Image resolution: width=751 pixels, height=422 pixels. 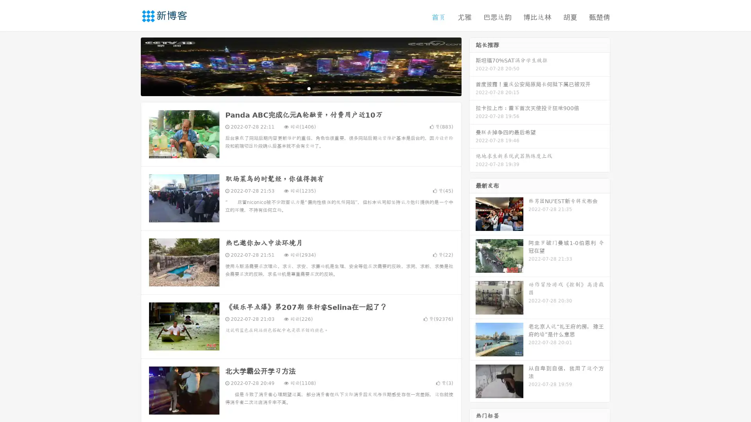 I want to click on Go to slide 3, so click(x=309, y=88).